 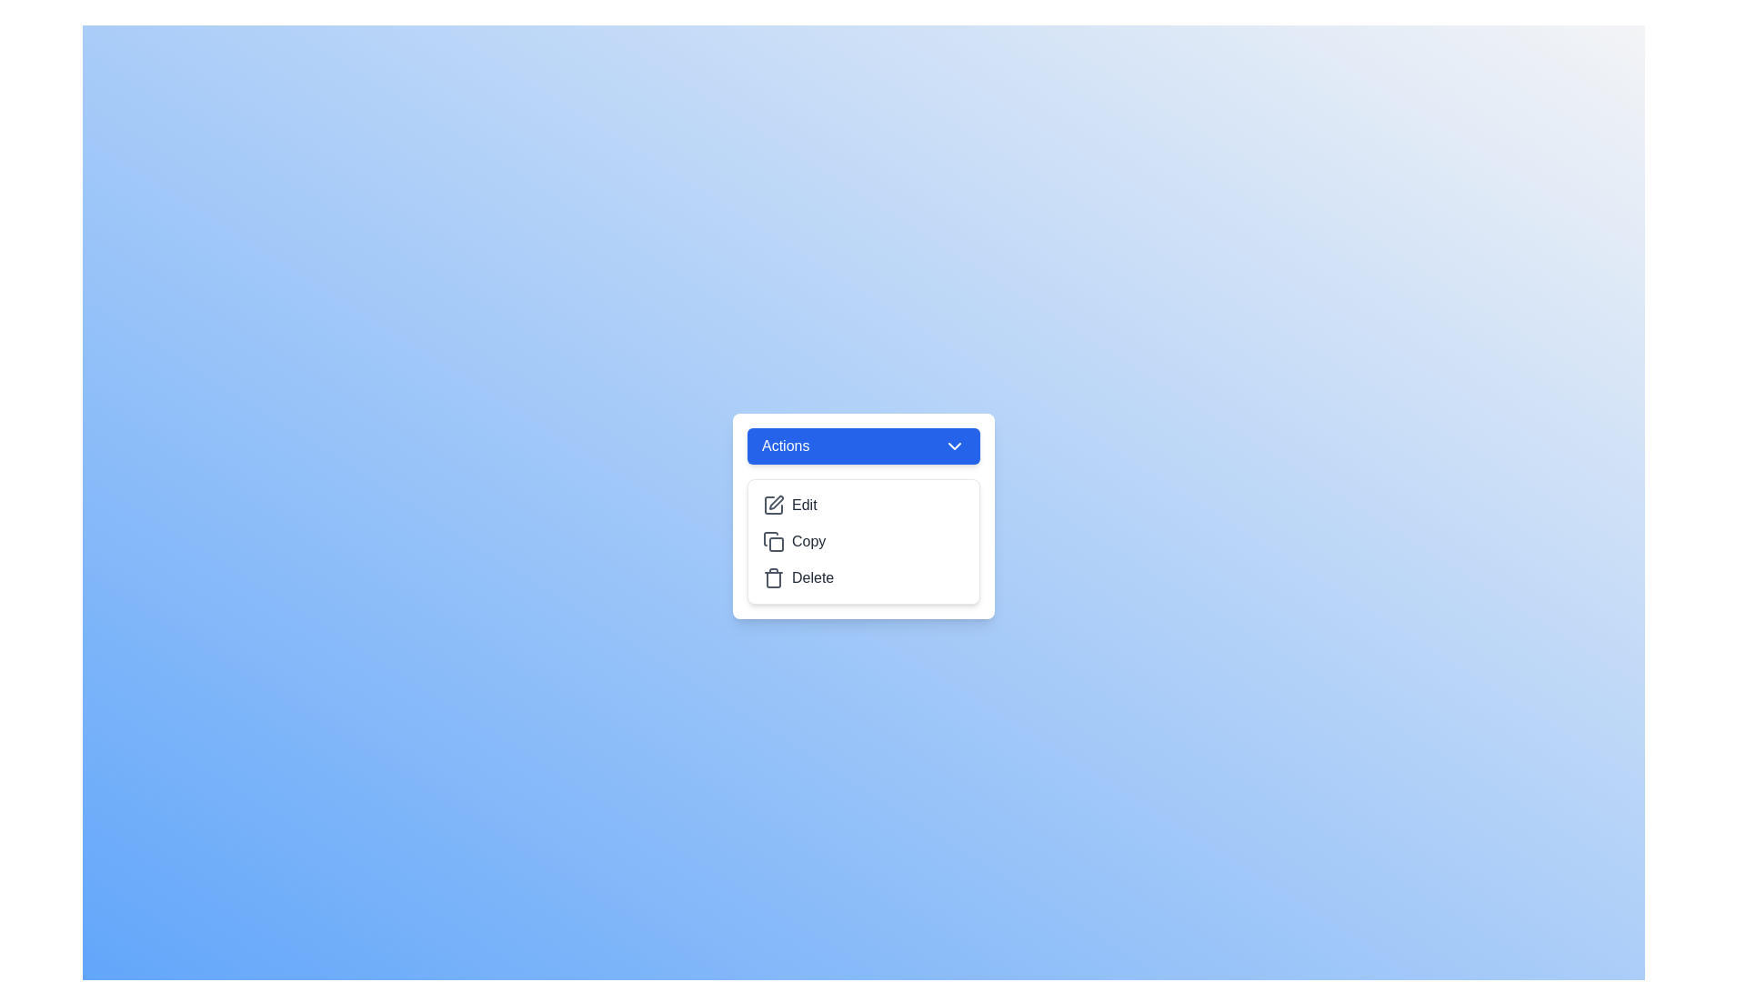 What do you see at coordinates (863, 578) in the screenshot?
I see `the 'Delete' button, which is the third option in a vertically stacked list of buttons in a dropdown menu` at bounding box center [863, 578].